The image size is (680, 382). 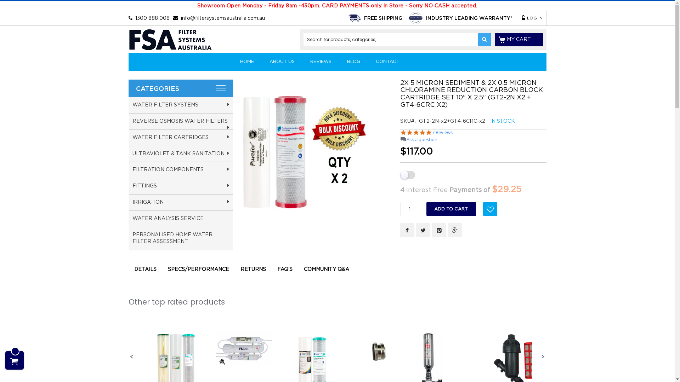 I want to click on 'WATER FILTER CARTRIDGES', so click(x=181, y=138).